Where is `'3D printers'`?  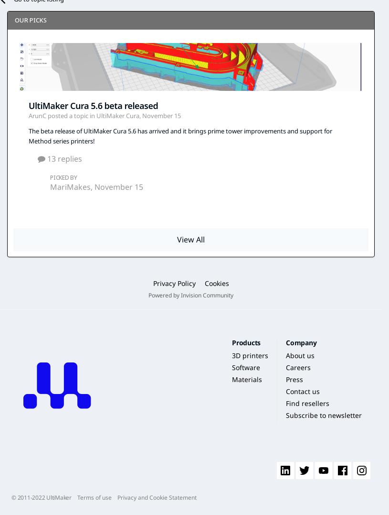
'3D printers' is located at coordinates (250, 355).